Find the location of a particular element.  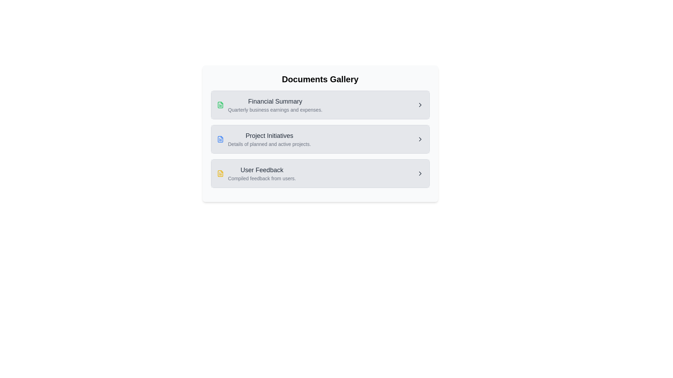

the List item in the navigation menu labeled 'Project Initiatives' is located at coordinates (320, 139).